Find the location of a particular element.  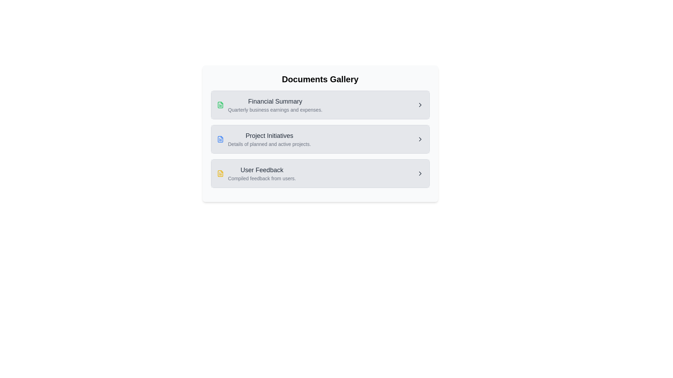

the List item in the navigation menu labeled 'Project Initiatives' is located at coordinates (320, 139).